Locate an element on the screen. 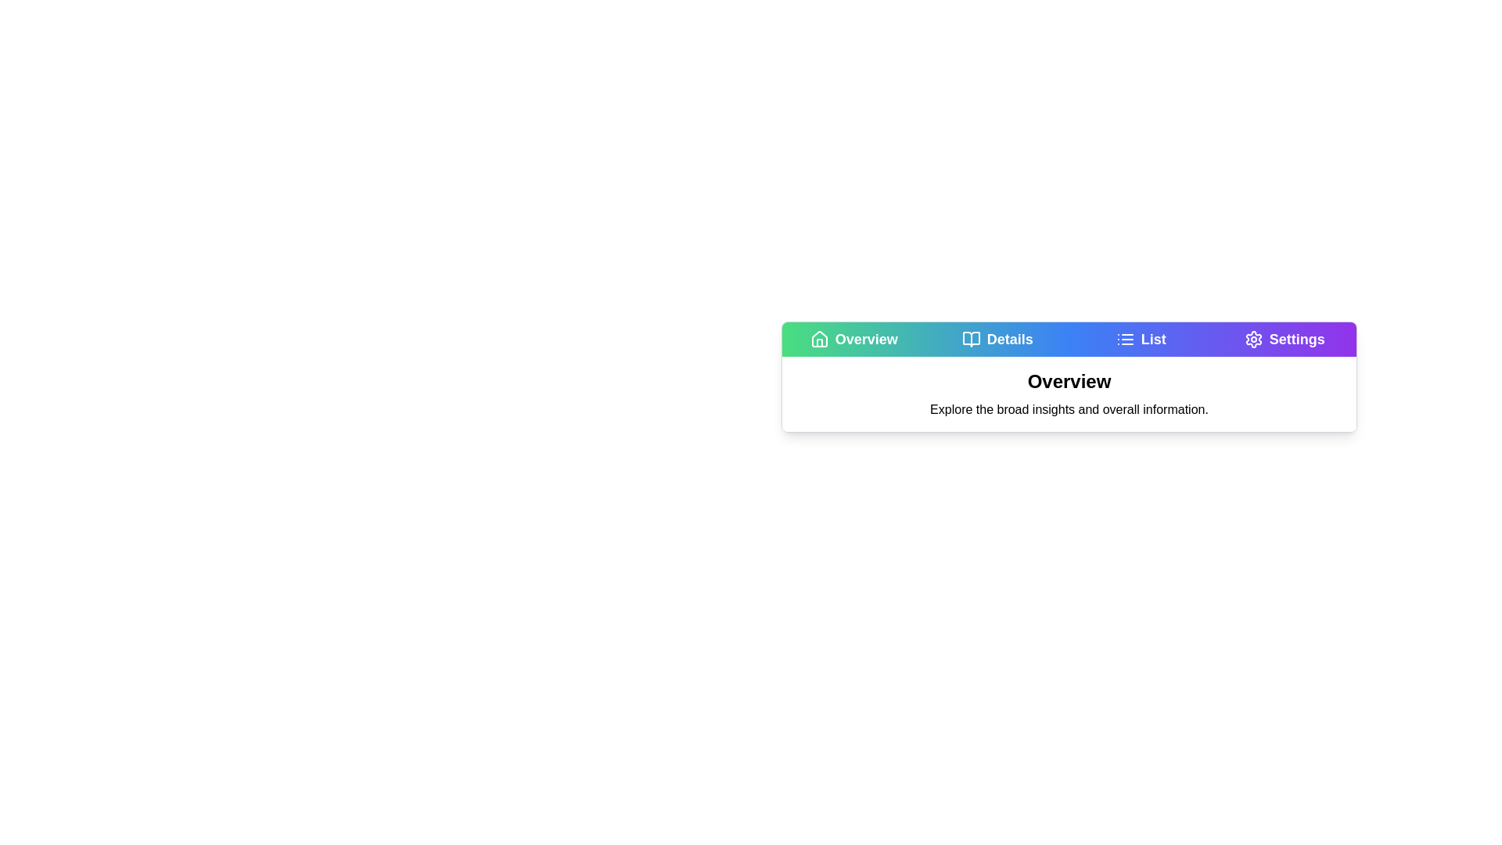  the Header Text element, which serves as the title indicating the primary focus of the content below it is located at coordinates (1069, 382).